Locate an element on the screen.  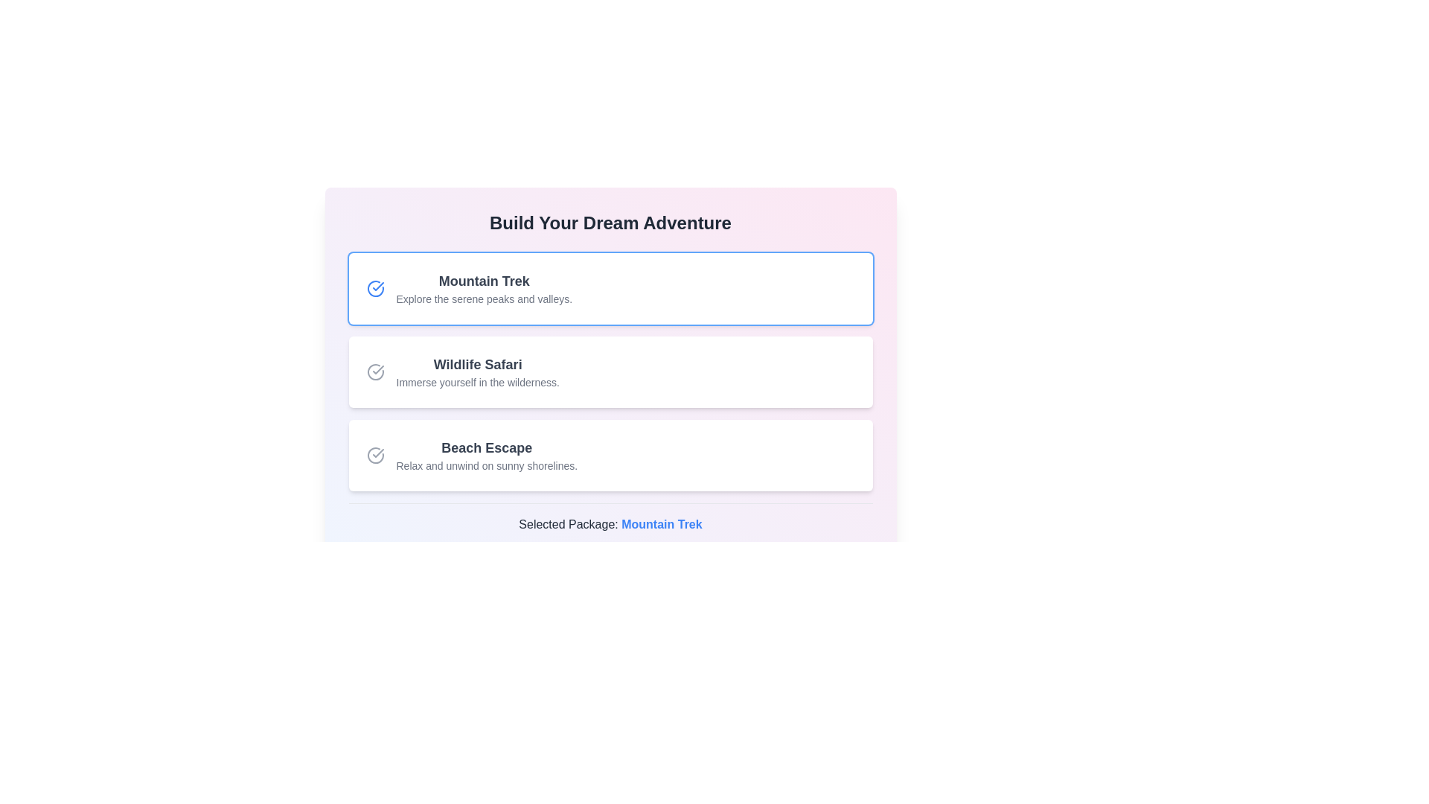
the selection indicator icon for the 'Beach Escape' option, located at the top left of the third option card in the list is located at coordinates (375, 455).